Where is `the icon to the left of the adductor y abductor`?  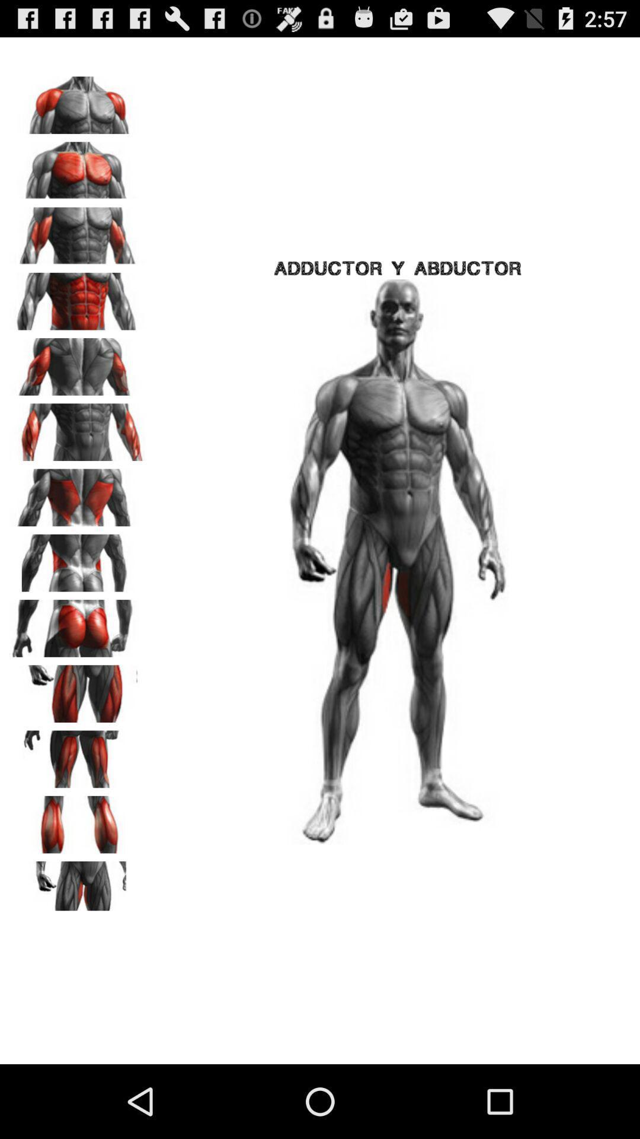
the icon to the left of the adductor y abductor is located at coordinates (78, 297).